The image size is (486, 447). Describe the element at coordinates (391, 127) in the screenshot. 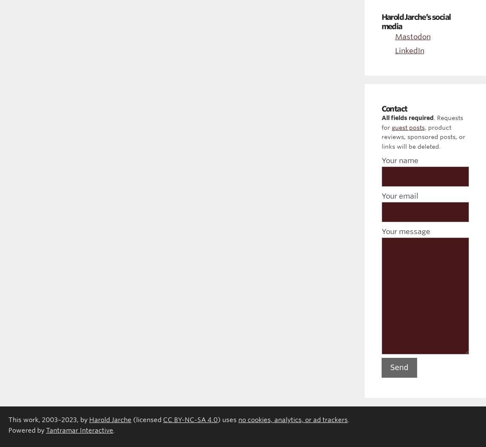

I see `'guest posts'` at that location.